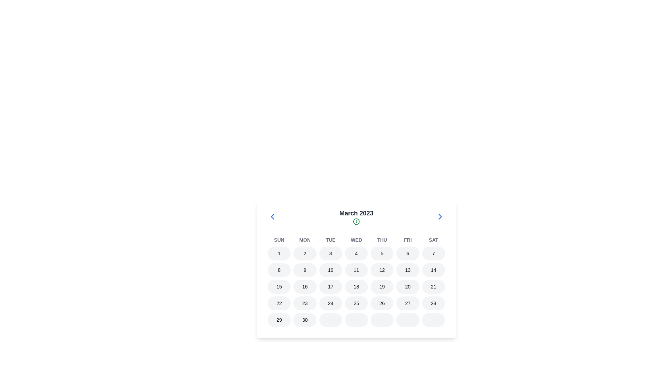 This screenshot has width=665, height=374. What do you see at coordinates (304, 287) in the screenshot?
I see `the button-like calendar date cell representing the 16th date in the calendar view` at bounding box center [304, 287].